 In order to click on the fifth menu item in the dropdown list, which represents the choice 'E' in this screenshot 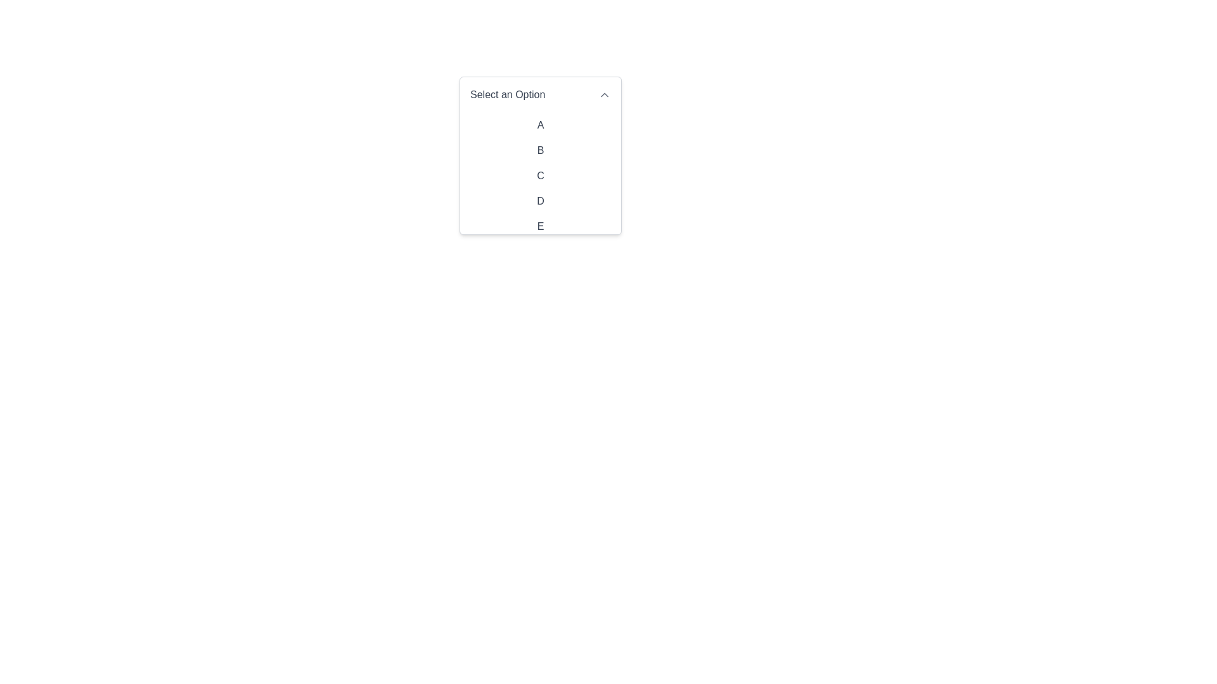, I will do `click(541, 226)`.